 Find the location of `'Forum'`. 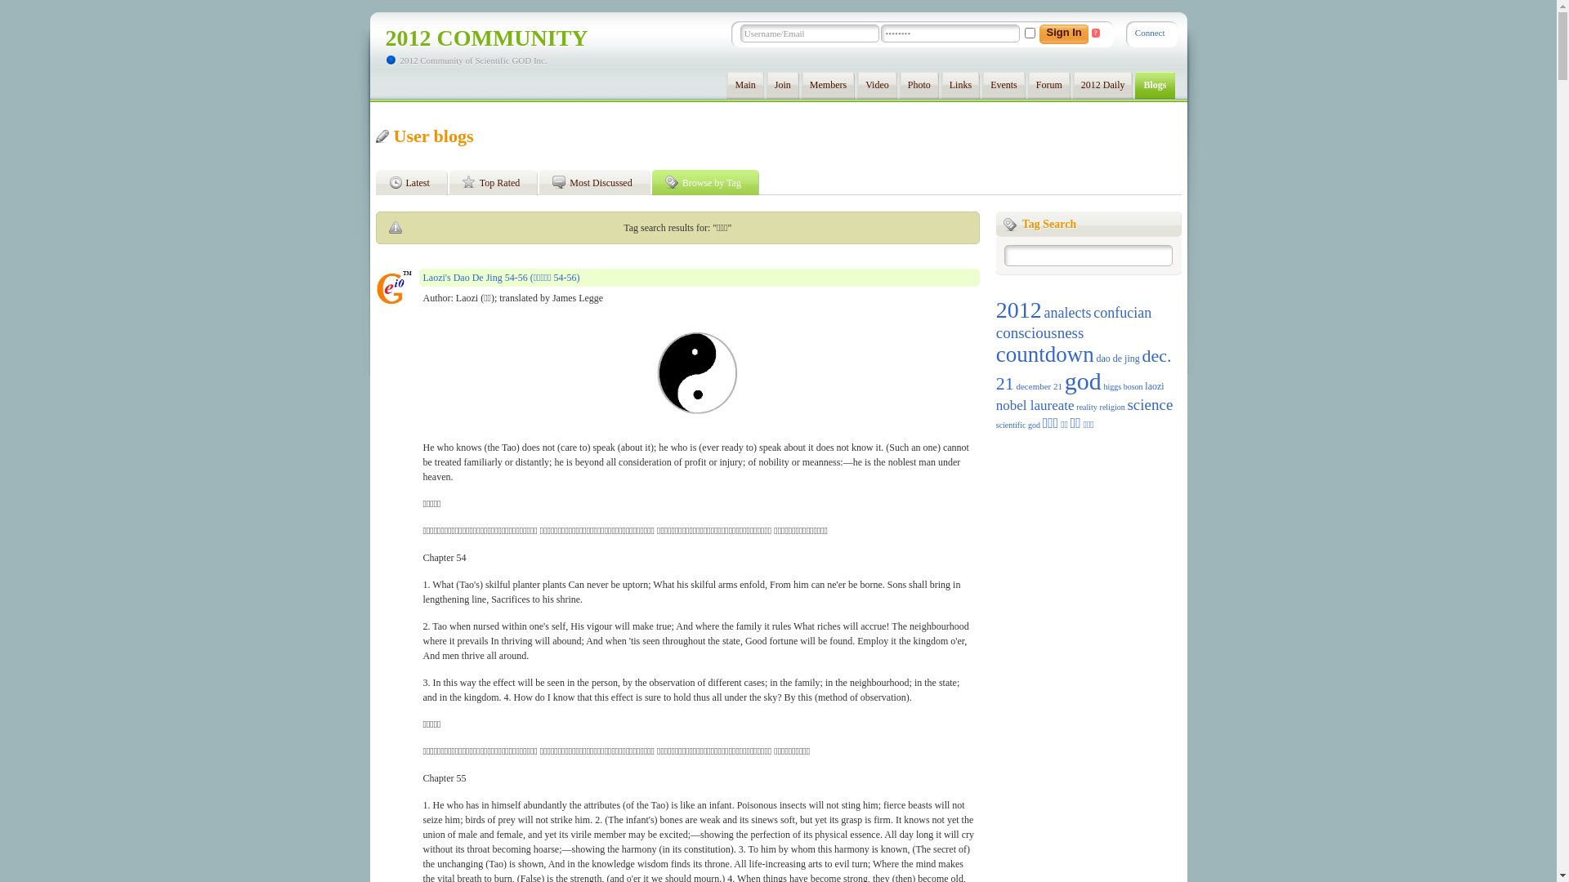

'Forum' is located at coordinates (1048, 85).